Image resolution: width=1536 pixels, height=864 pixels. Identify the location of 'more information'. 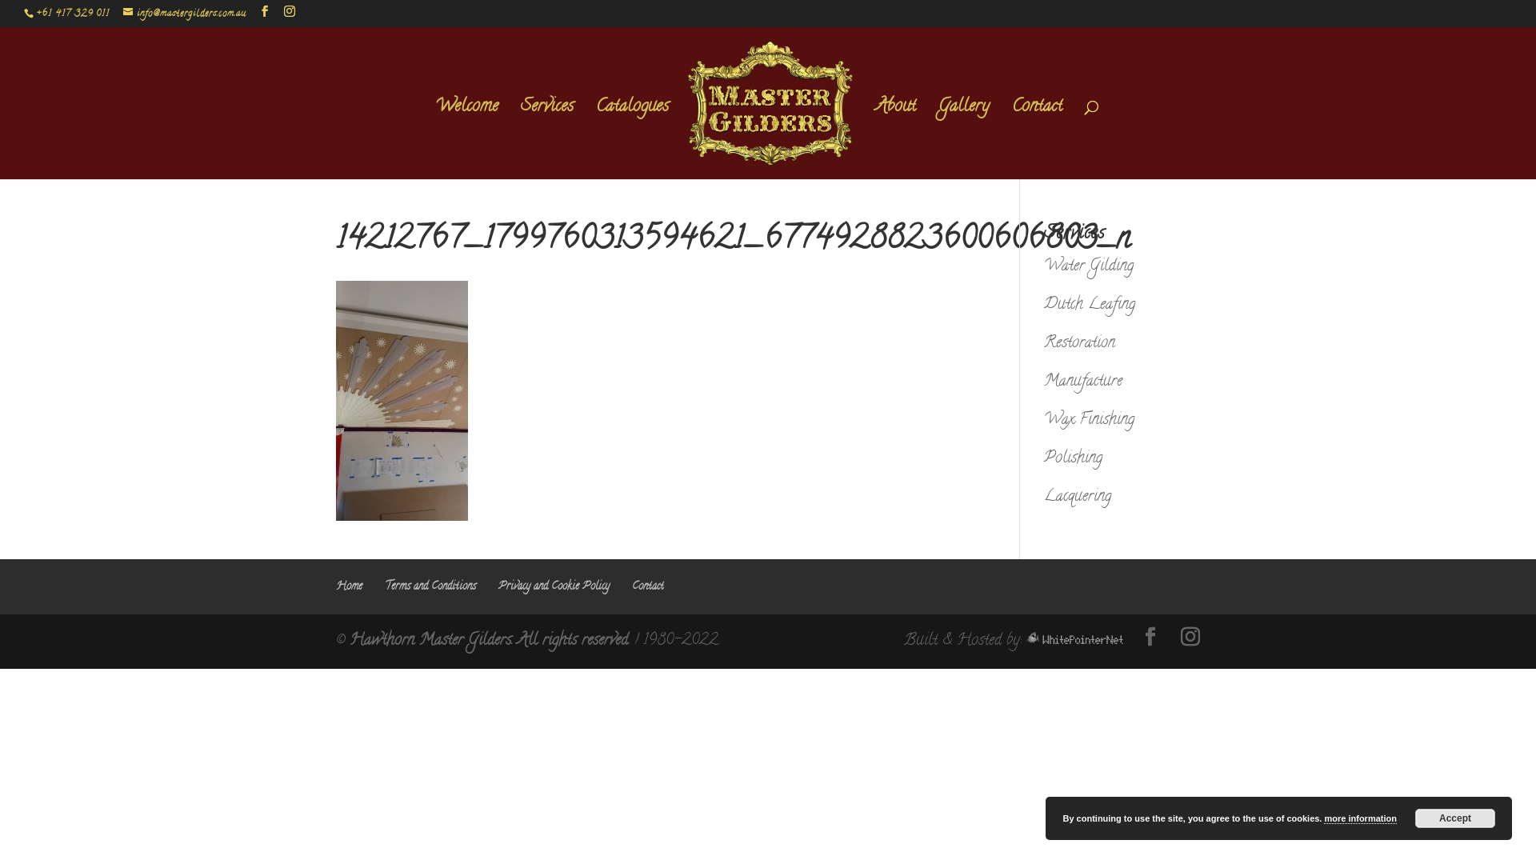
(1358, 818).